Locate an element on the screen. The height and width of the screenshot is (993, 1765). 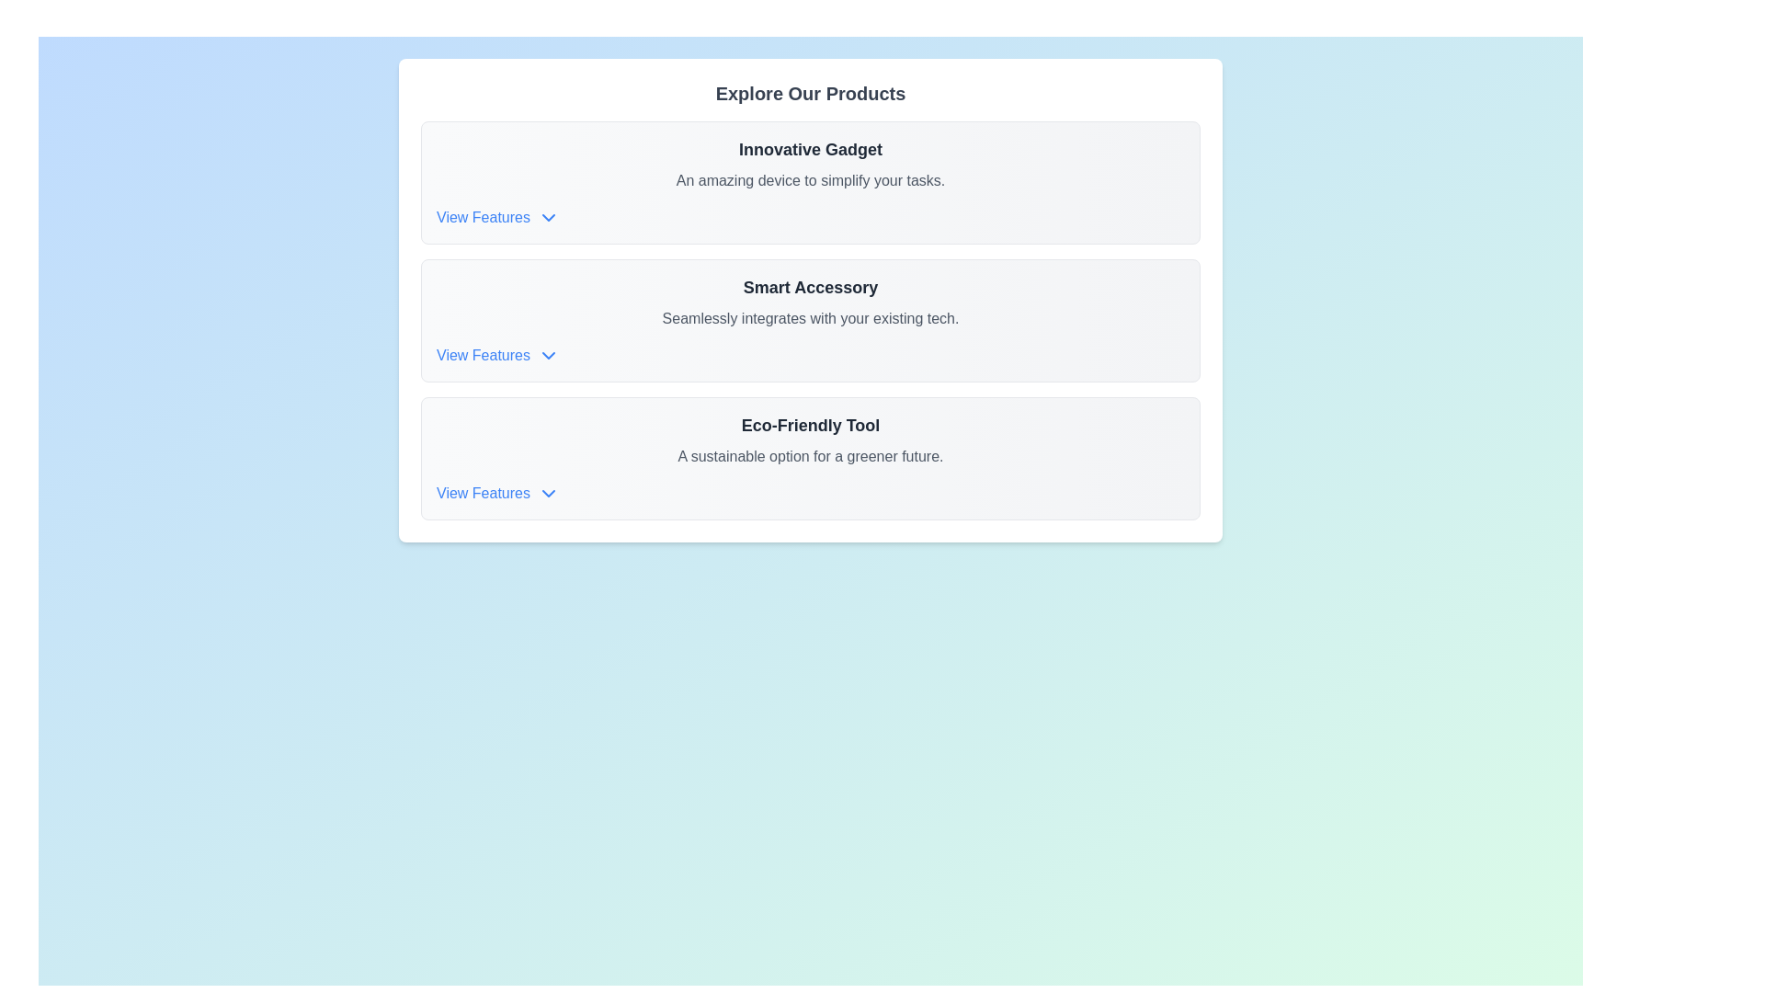
the downward-pointing chevron icon located next to the 'View Features' text in the 'Smart Accessory' section, indicating expandable content is located at coordinates (547, 355).